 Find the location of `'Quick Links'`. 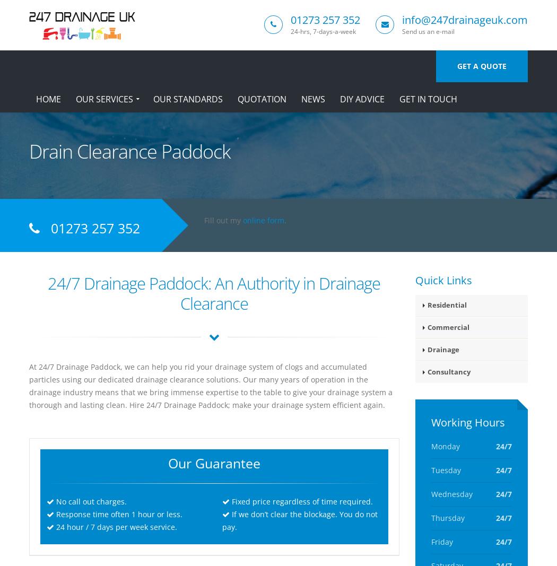

'Quick Links' is located at coordinates (443, 280).